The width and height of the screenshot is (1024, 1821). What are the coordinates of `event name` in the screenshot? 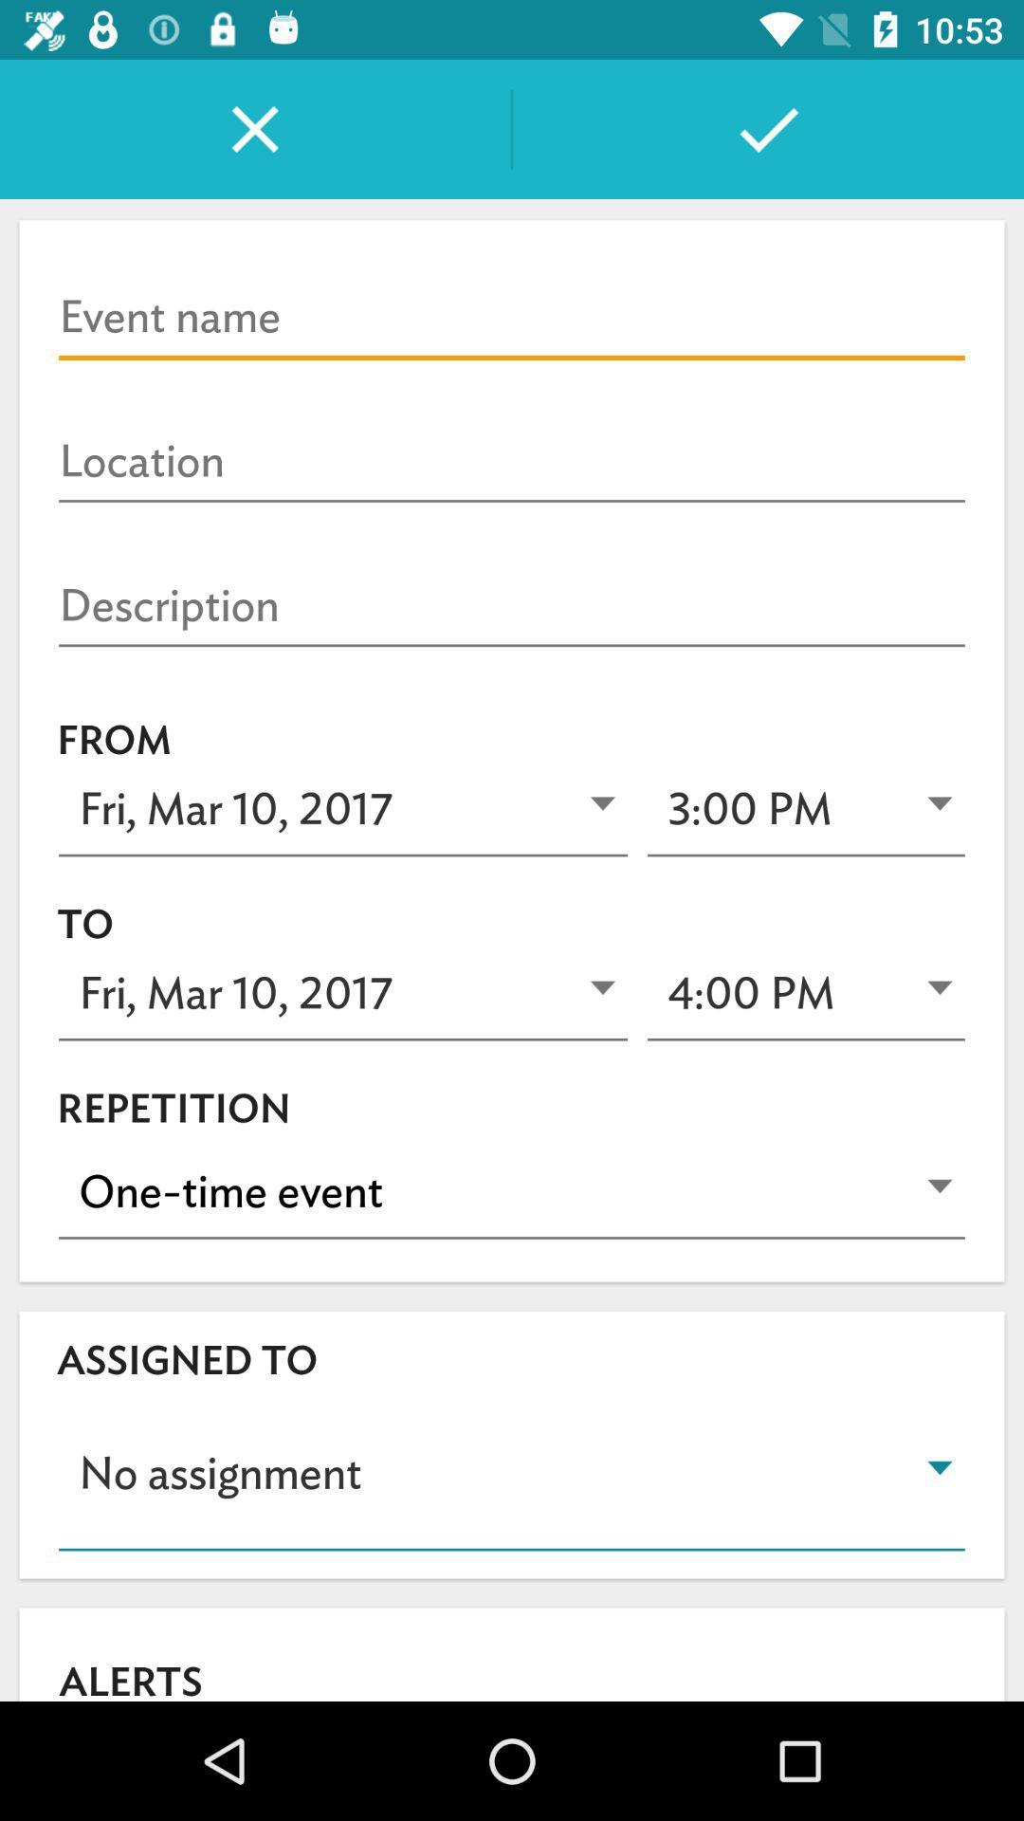 It's located at (512, 318).